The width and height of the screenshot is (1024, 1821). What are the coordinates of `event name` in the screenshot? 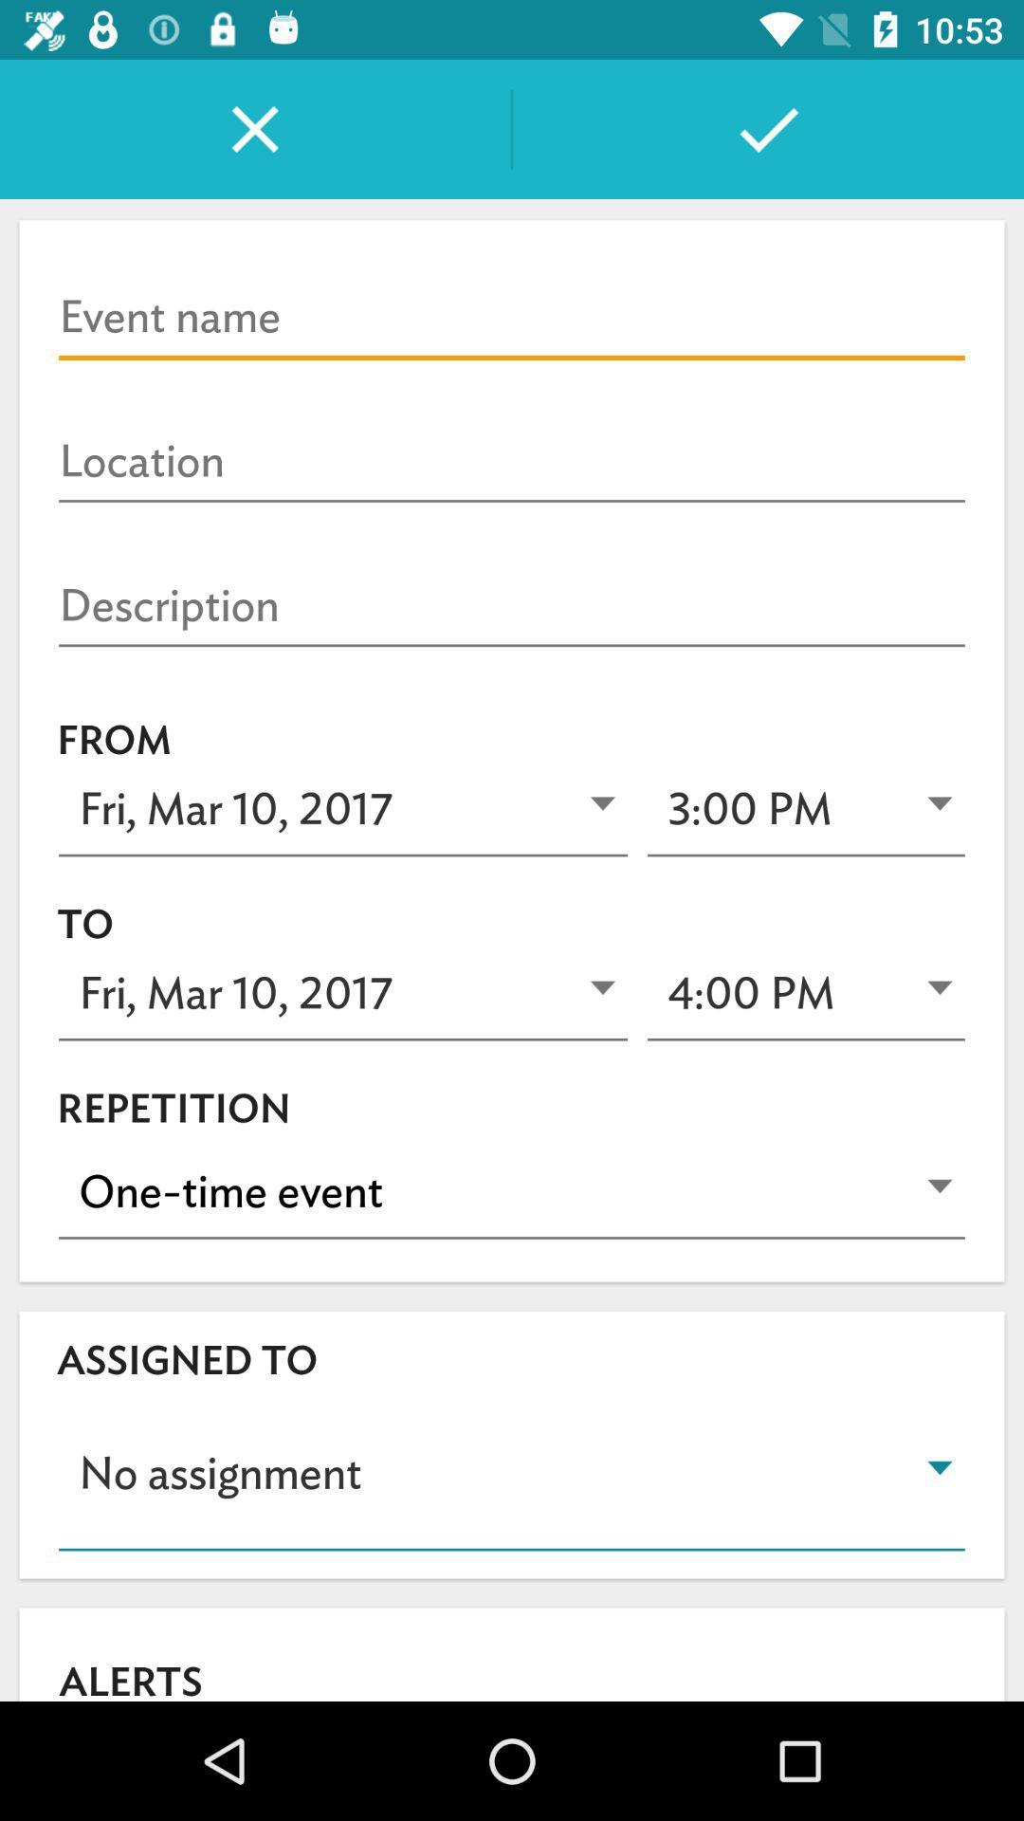 It's located at (512, 318).